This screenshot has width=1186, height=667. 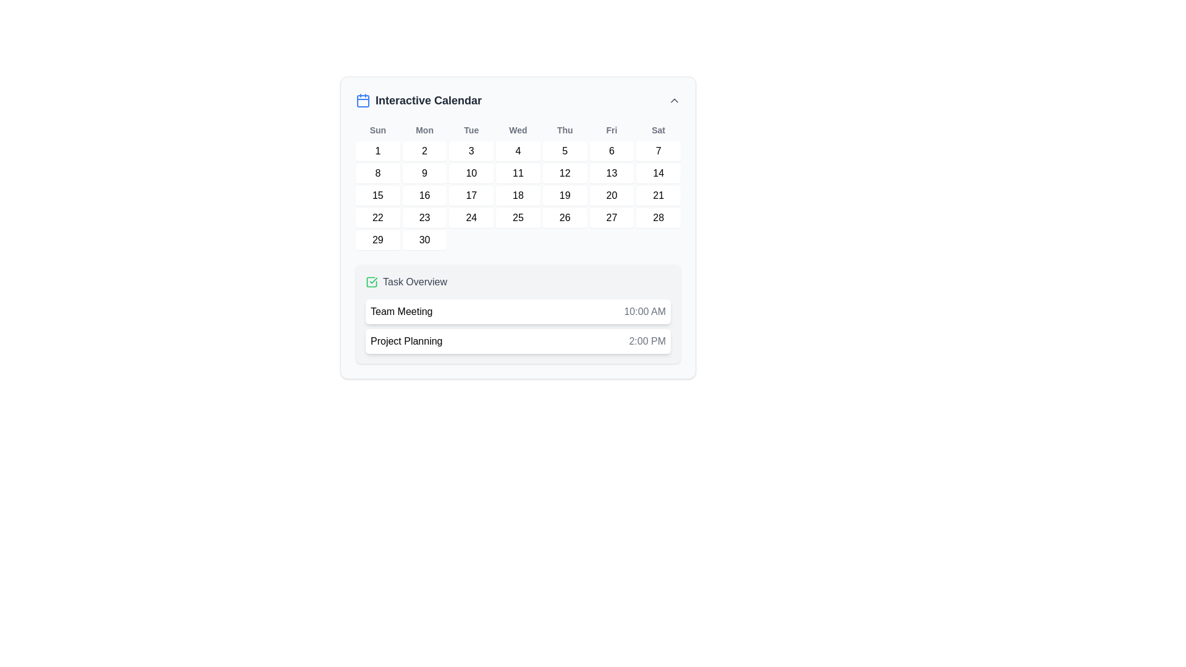 I want to click on the Calendar date tile displaying the number '18', so click(x=518, y=195).